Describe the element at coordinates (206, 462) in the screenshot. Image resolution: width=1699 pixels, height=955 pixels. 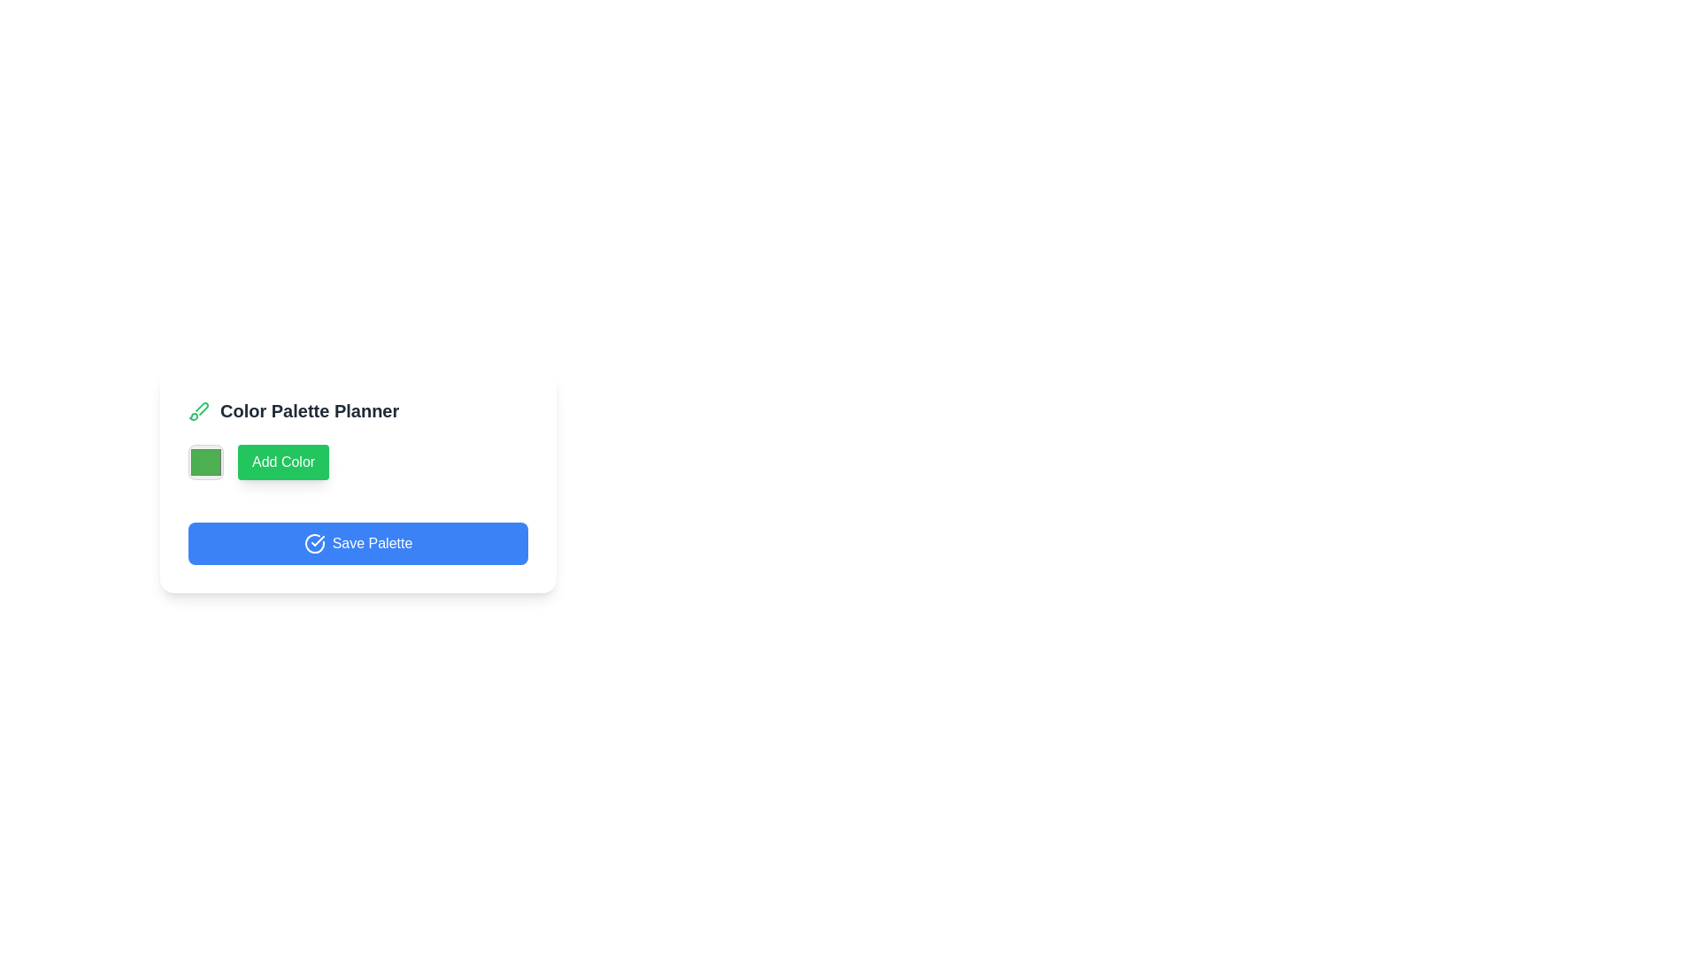
I see `the color picker located to the left of the 'Add Color' button to choose a color` at that location.